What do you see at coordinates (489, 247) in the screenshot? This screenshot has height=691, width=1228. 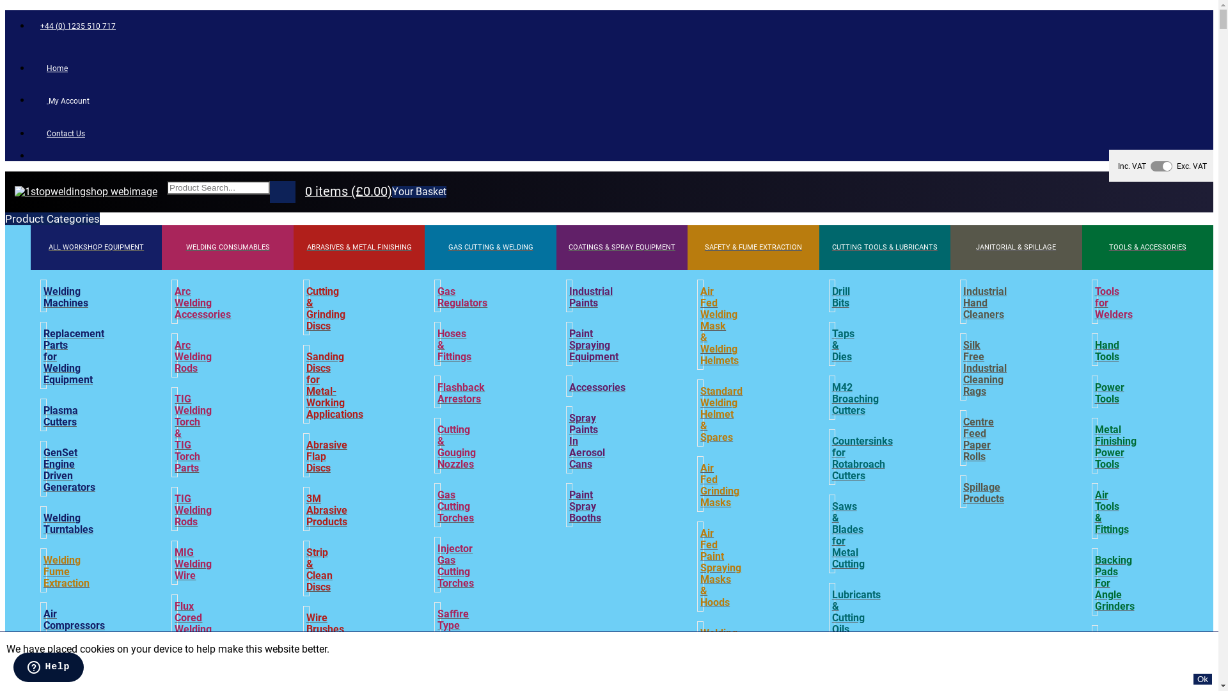 I see `'GAS CUTTING & WELDING'` at bounding box center [489, 247].